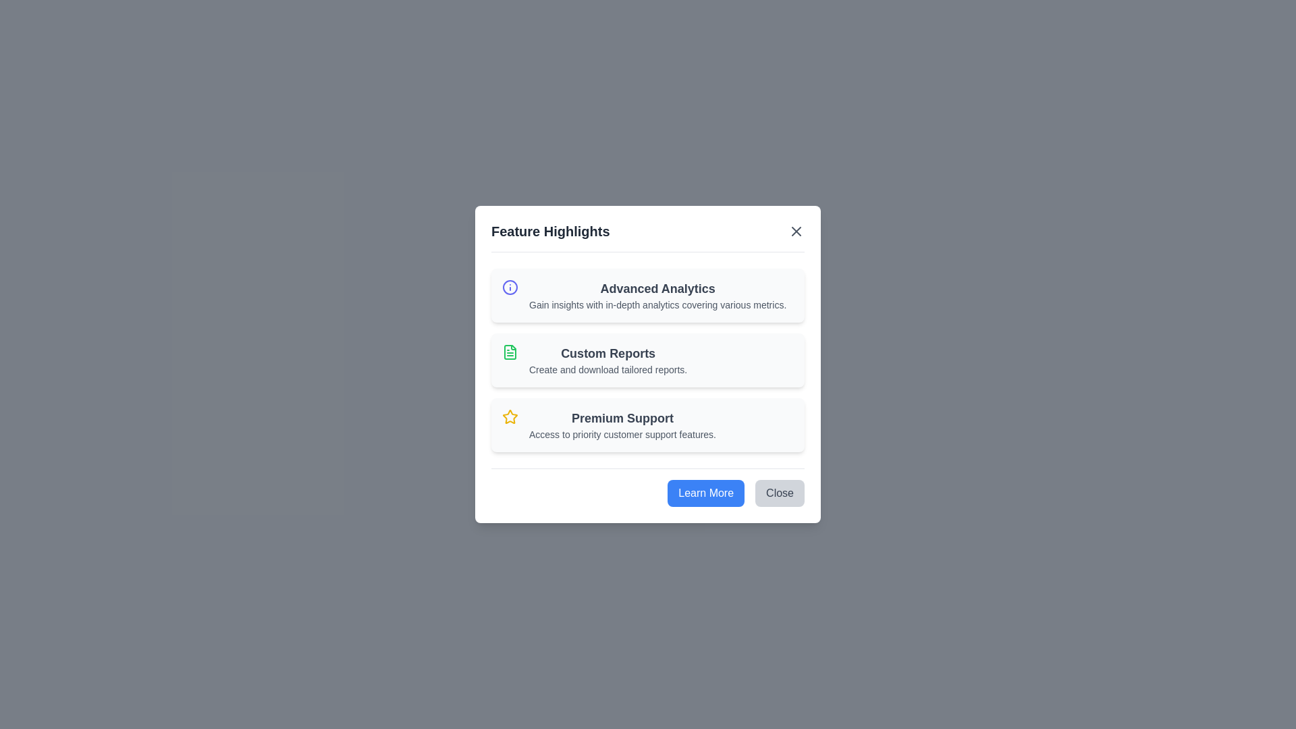  What do you see at coordinates (657, 288) in the screenshot?
I see `the Text element that serves as the title for the Advanced Analytics feature, positioned below a horizontal divider in the 'Feature Highlights' section` at bounding box center [657, 288].